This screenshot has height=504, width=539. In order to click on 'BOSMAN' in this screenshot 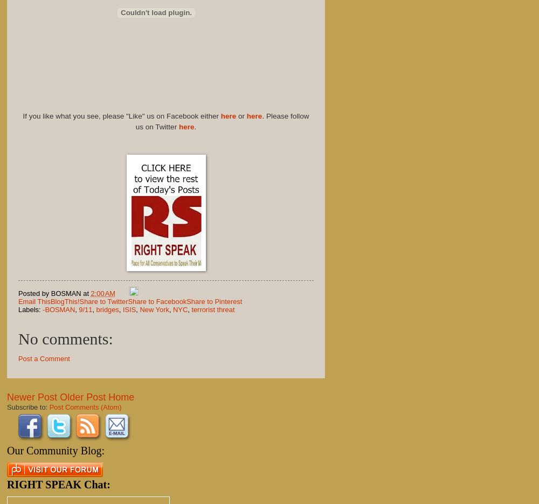, I will do `click(65, 292)`.